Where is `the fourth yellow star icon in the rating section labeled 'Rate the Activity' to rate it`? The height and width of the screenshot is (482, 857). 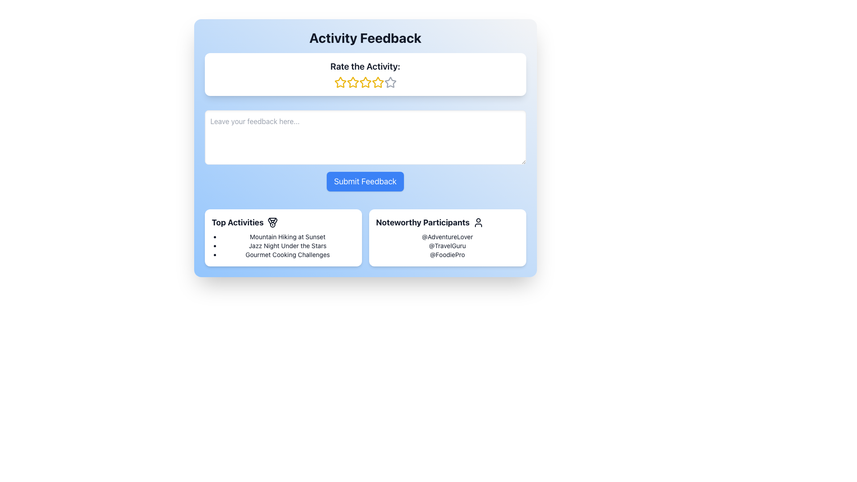
the fourth yellow star icon in the rating section labeled 'Rate the Activity' to rate it is located at coordinates (365, 83).